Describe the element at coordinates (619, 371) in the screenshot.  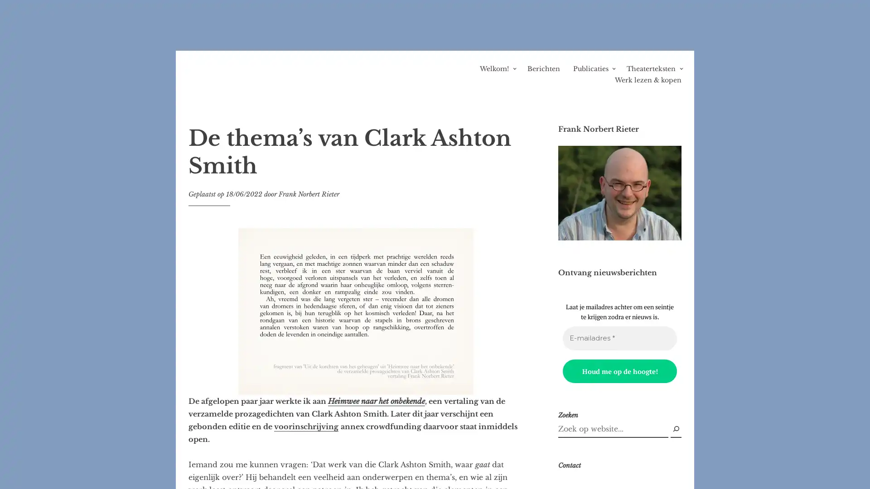
I see `Houd me op de hoogte!` at that location.